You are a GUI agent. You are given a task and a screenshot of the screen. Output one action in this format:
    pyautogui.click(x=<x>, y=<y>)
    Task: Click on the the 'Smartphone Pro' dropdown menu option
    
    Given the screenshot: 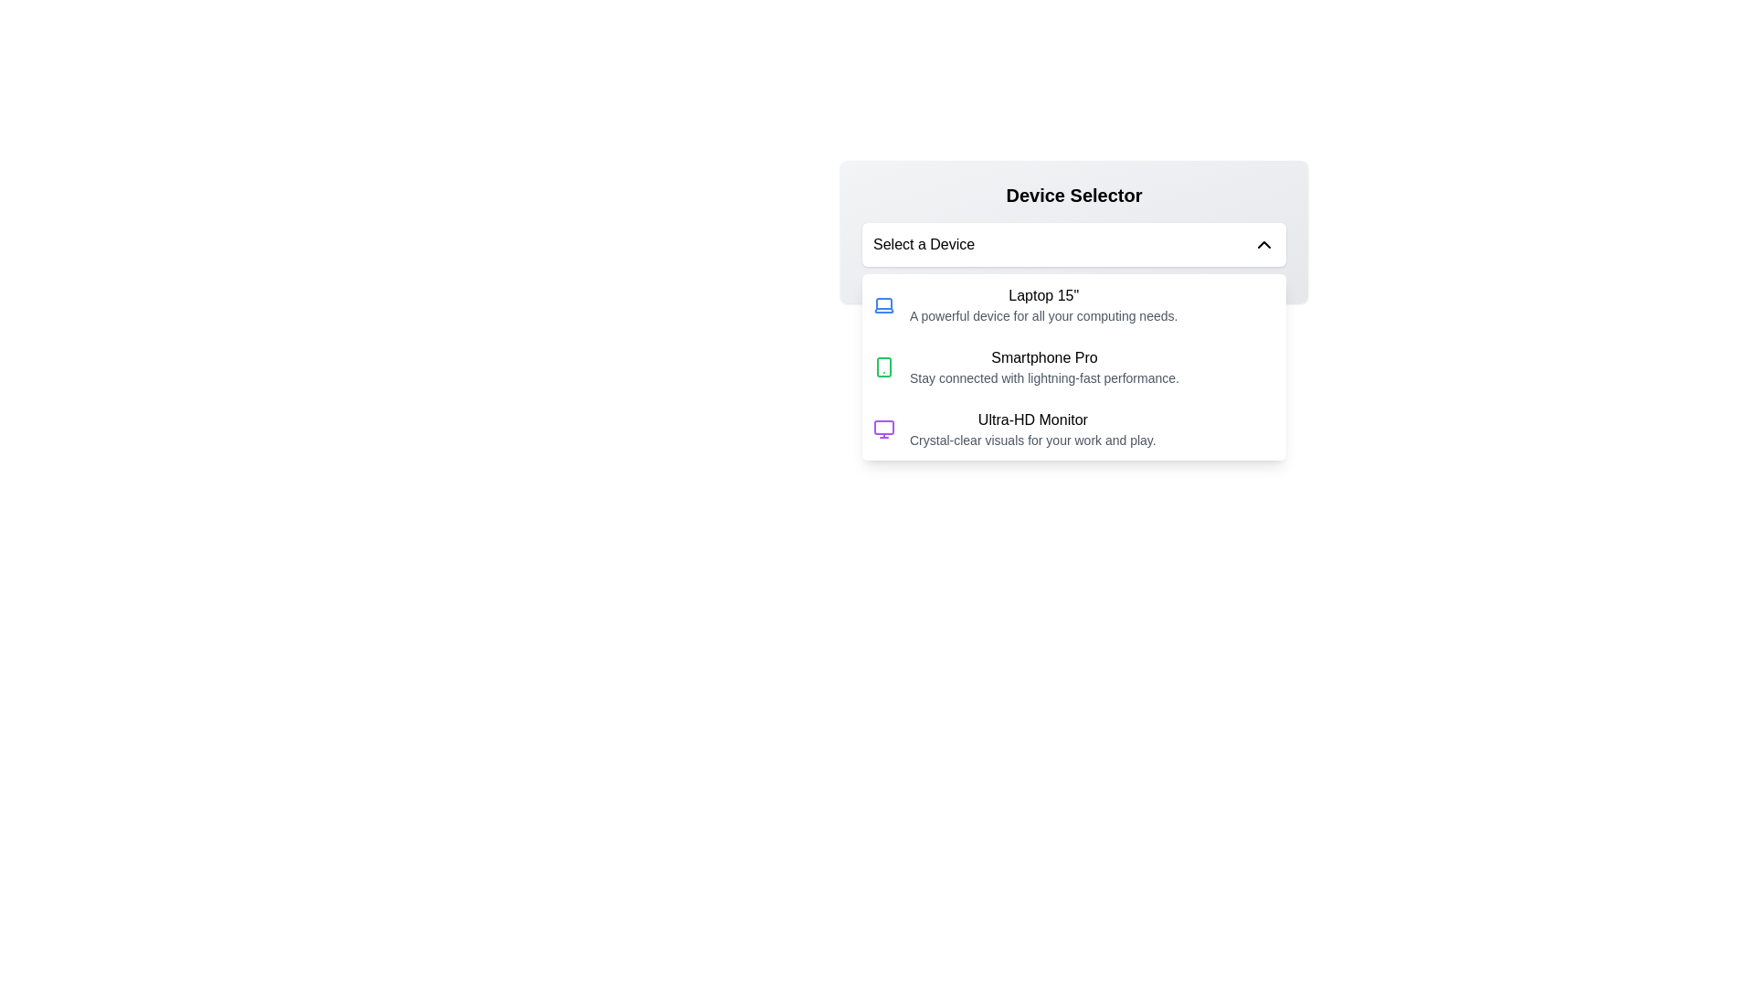 What is the action you would take?
    pyautogui.click(x=1044, y=366)
    